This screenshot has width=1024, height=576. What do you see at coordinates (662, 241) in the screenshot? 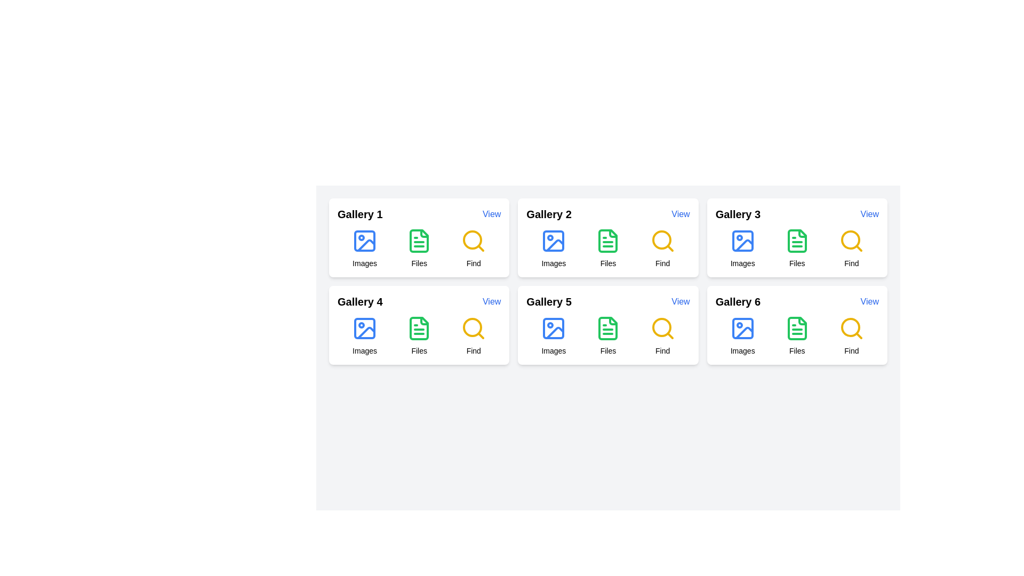
I see `the yellow magnifying glass icon labeled 'Find'` at bounding box center [662, 241].